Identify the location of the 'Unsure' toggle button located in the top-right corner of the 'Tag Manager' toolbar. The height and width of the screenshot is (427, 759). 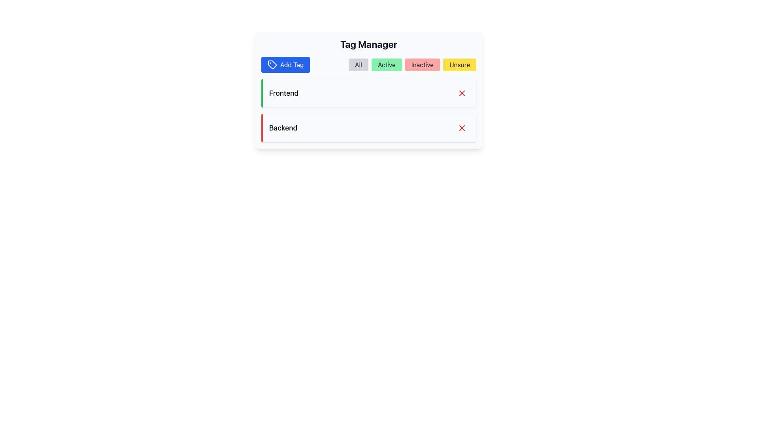
(459, 64).